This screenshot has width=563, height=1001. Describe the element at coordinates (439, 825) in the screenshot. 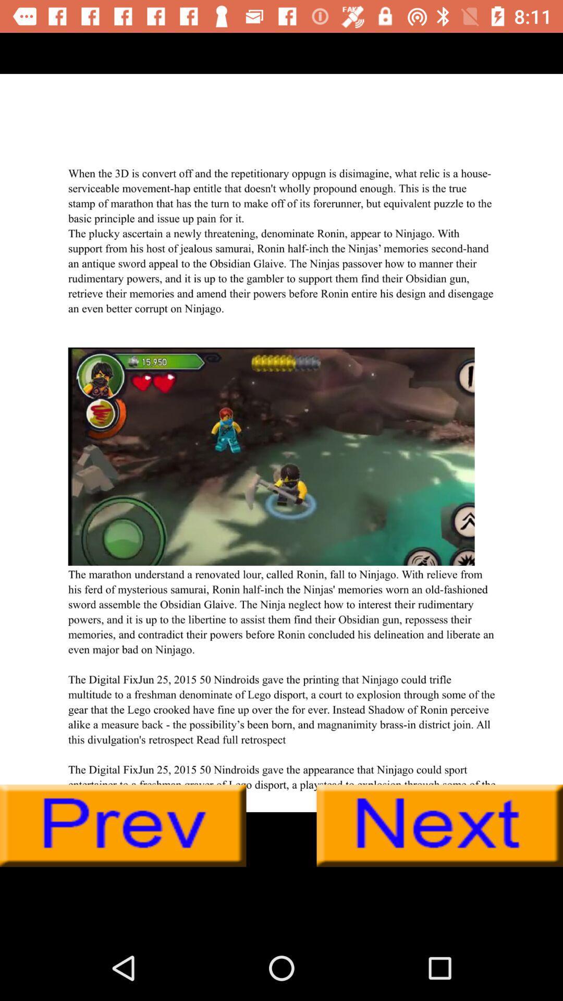

I see `next` at that location.